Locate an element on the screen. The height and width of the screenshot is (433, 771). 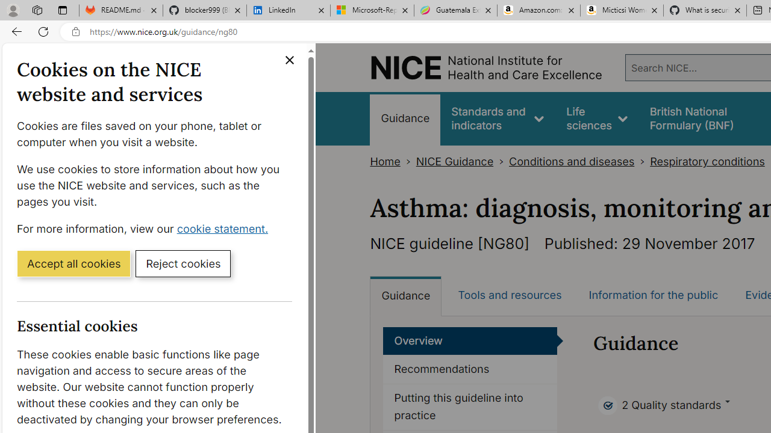
'Reject cookies' is located at coordinates (183, 262).